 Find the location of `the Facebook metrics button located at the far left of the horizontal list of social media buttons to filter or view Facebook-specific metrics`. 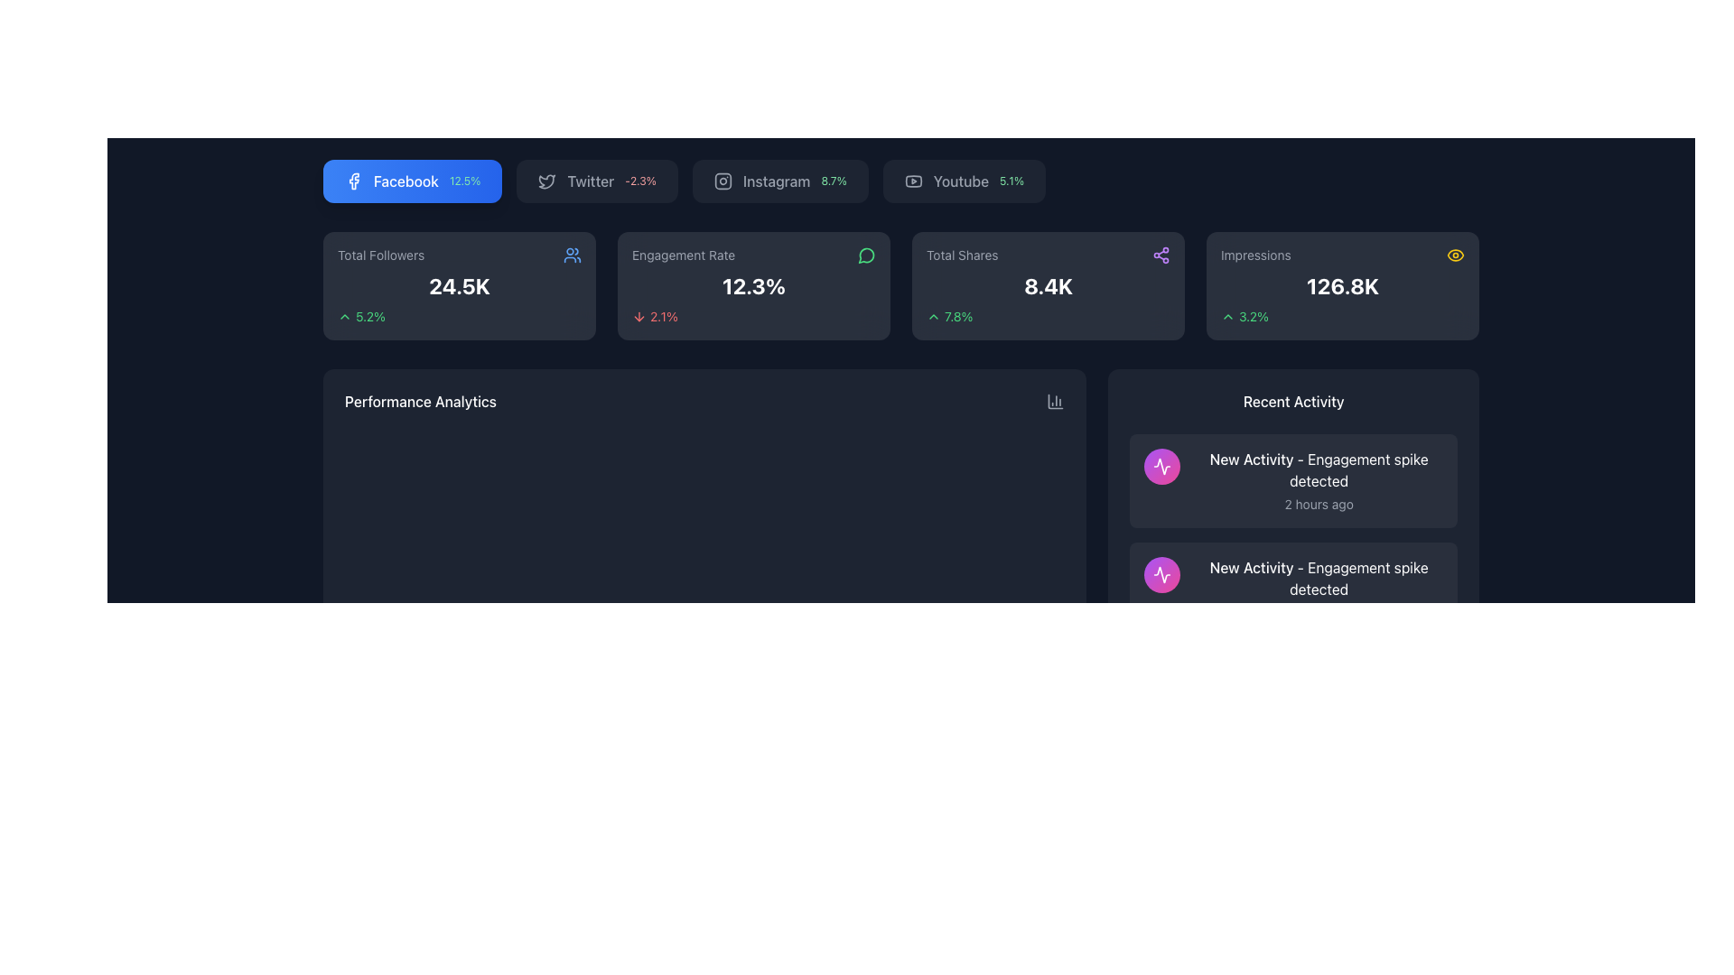

the Facebook metrics button located at the far left of the horizontal list of social media buttons to filter or view Facebook-specific metrics is located at coordinates (411, 181).